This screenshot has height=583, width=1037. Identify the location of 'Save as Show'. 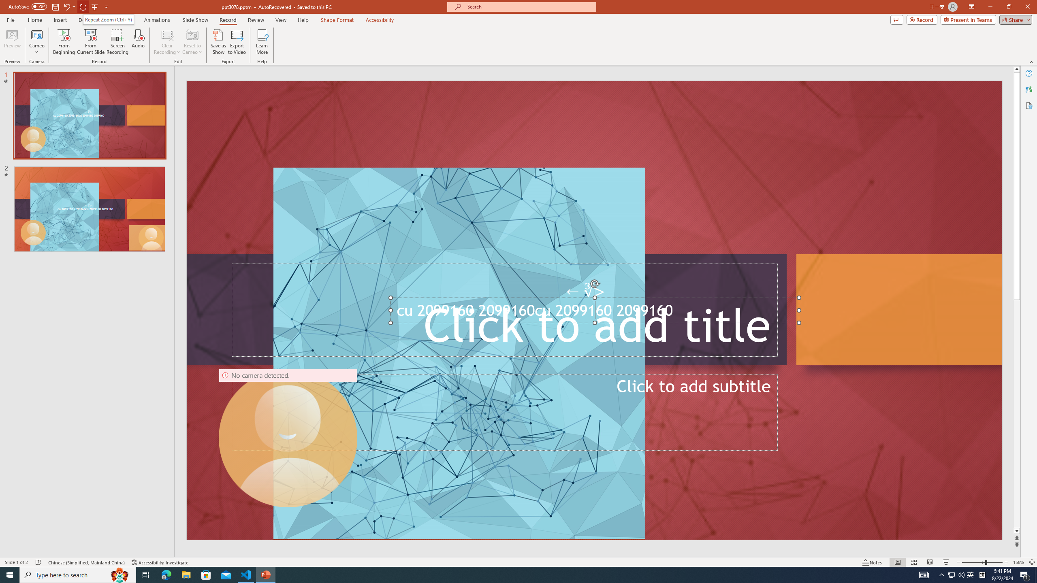
(218, 42).